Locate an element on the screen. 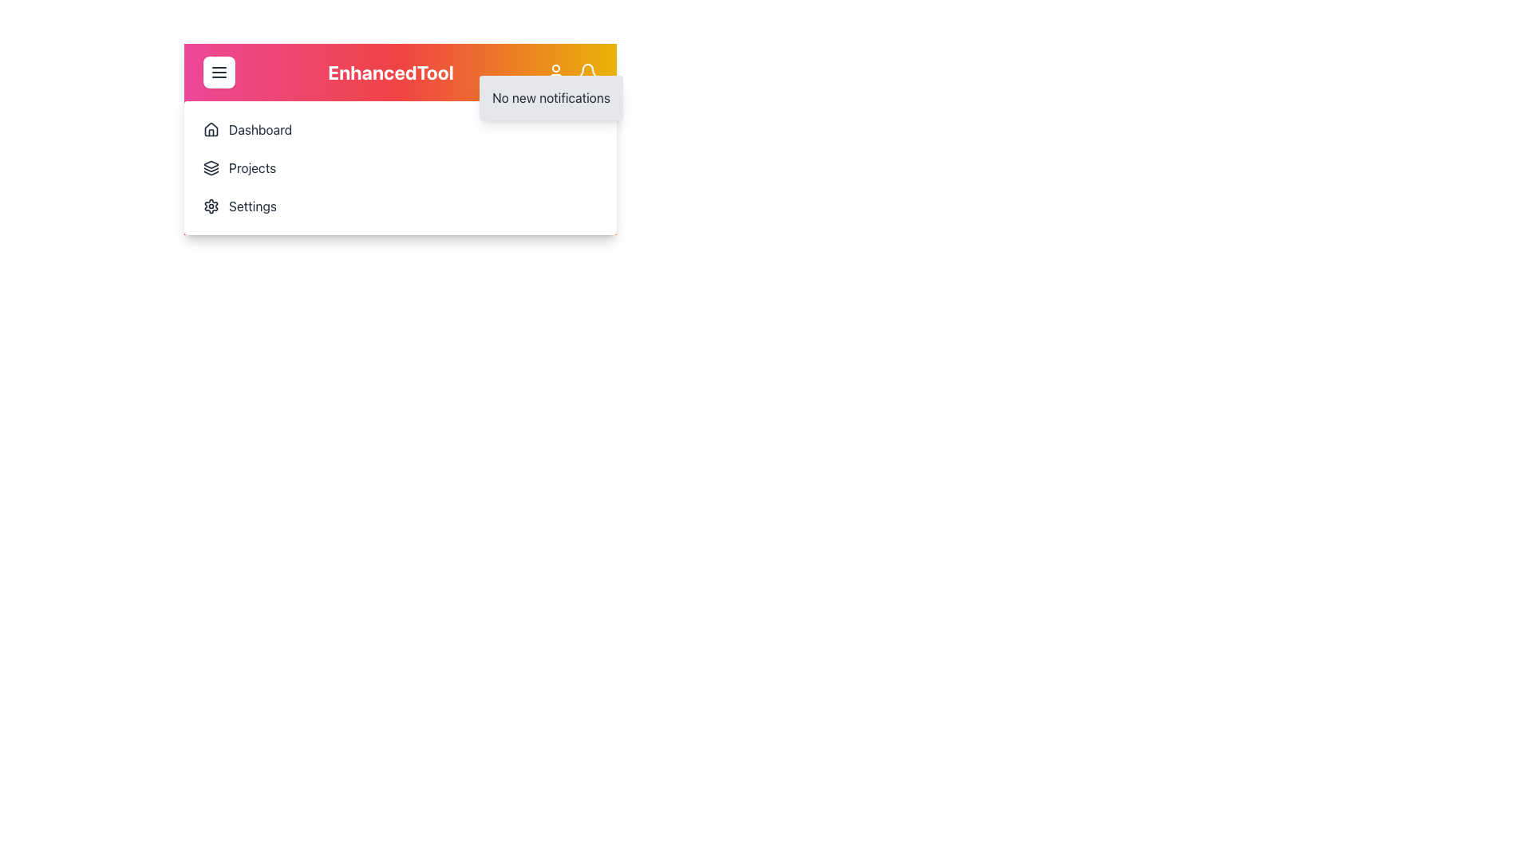 Image resolution: width=1532 pixels, height=861 pixels. the settings SVG icon located at the bottom left of the menu dropdown, which is the third item from the top and directly below the 'Projects' icon is located at coordinates (210, 205).